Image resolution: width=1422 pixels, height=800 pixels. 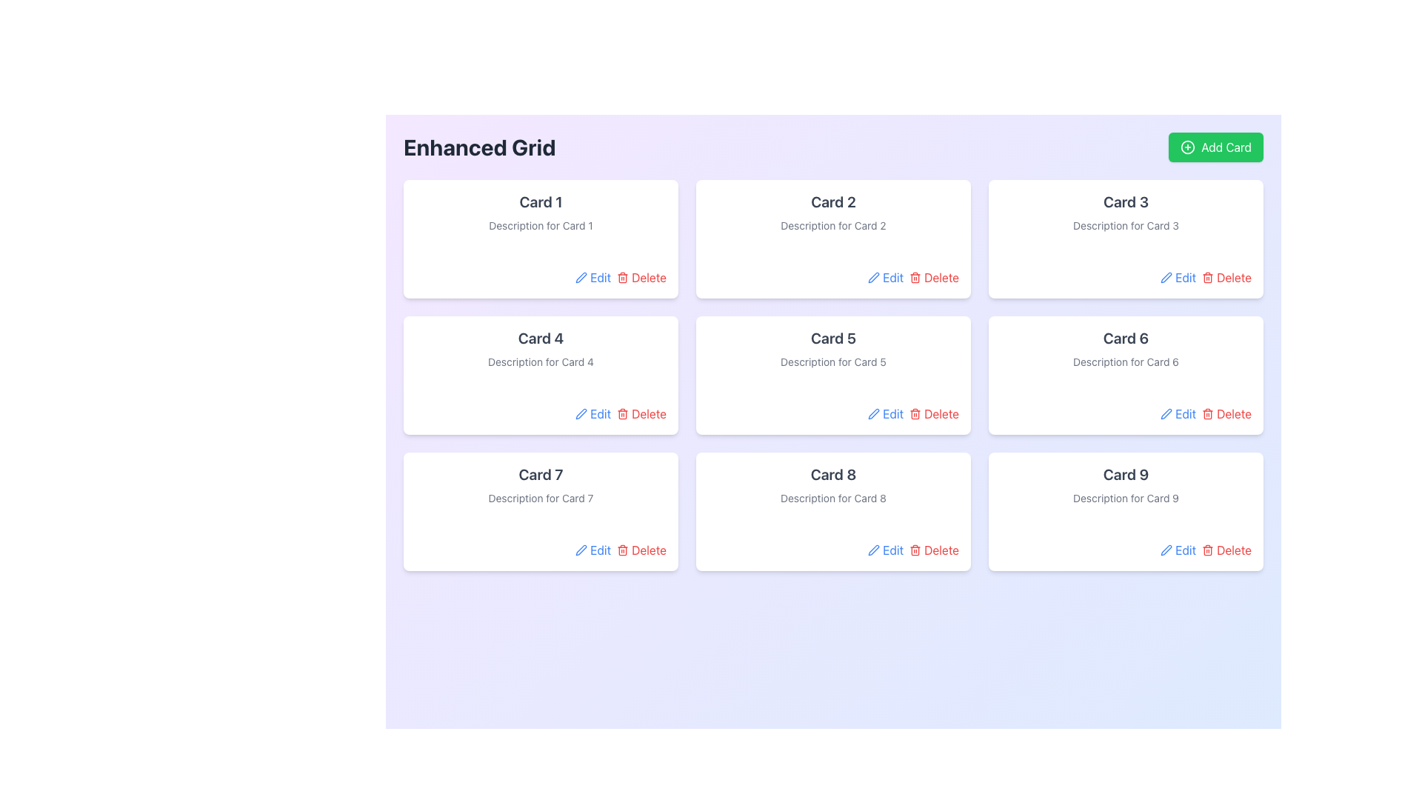 I want to click on the Text Display element that shows the title and description for the associated card, located in the top-left corner of the grid layout above 'Card 4', so click(x=540, y=212).